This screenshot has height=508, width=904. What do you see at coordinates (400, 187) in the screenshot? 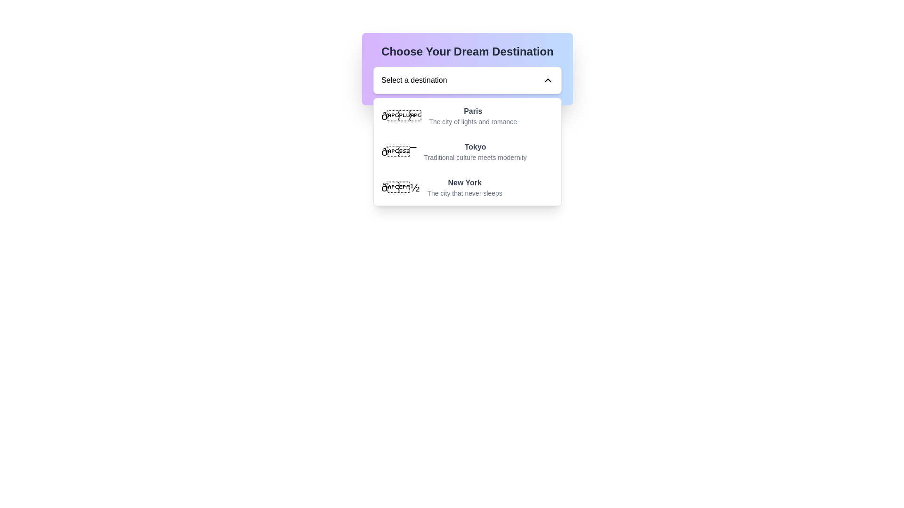
I see `the text-based envelope icon located at the leftmost side of the 'New York' option in the dropdown list` at bounding box center [400, 187].